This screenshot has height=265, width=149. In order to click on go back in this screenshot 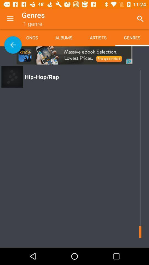, I will do `click(13, 44)`.